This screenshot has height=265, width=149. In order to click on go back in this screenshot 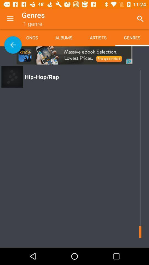, I will do `click(13, 44)`.